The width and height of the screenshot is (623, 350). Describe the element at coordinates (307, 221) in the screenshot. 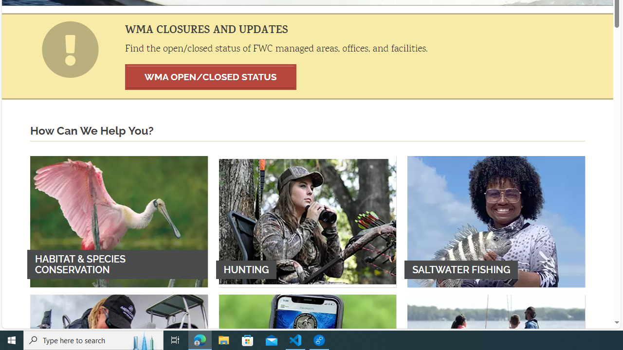

I see `'HUNTING'` at that location.